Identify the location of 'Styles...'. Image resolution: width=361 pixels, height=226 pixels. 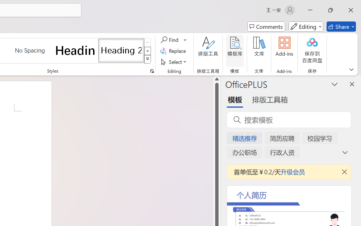
(152, 71).